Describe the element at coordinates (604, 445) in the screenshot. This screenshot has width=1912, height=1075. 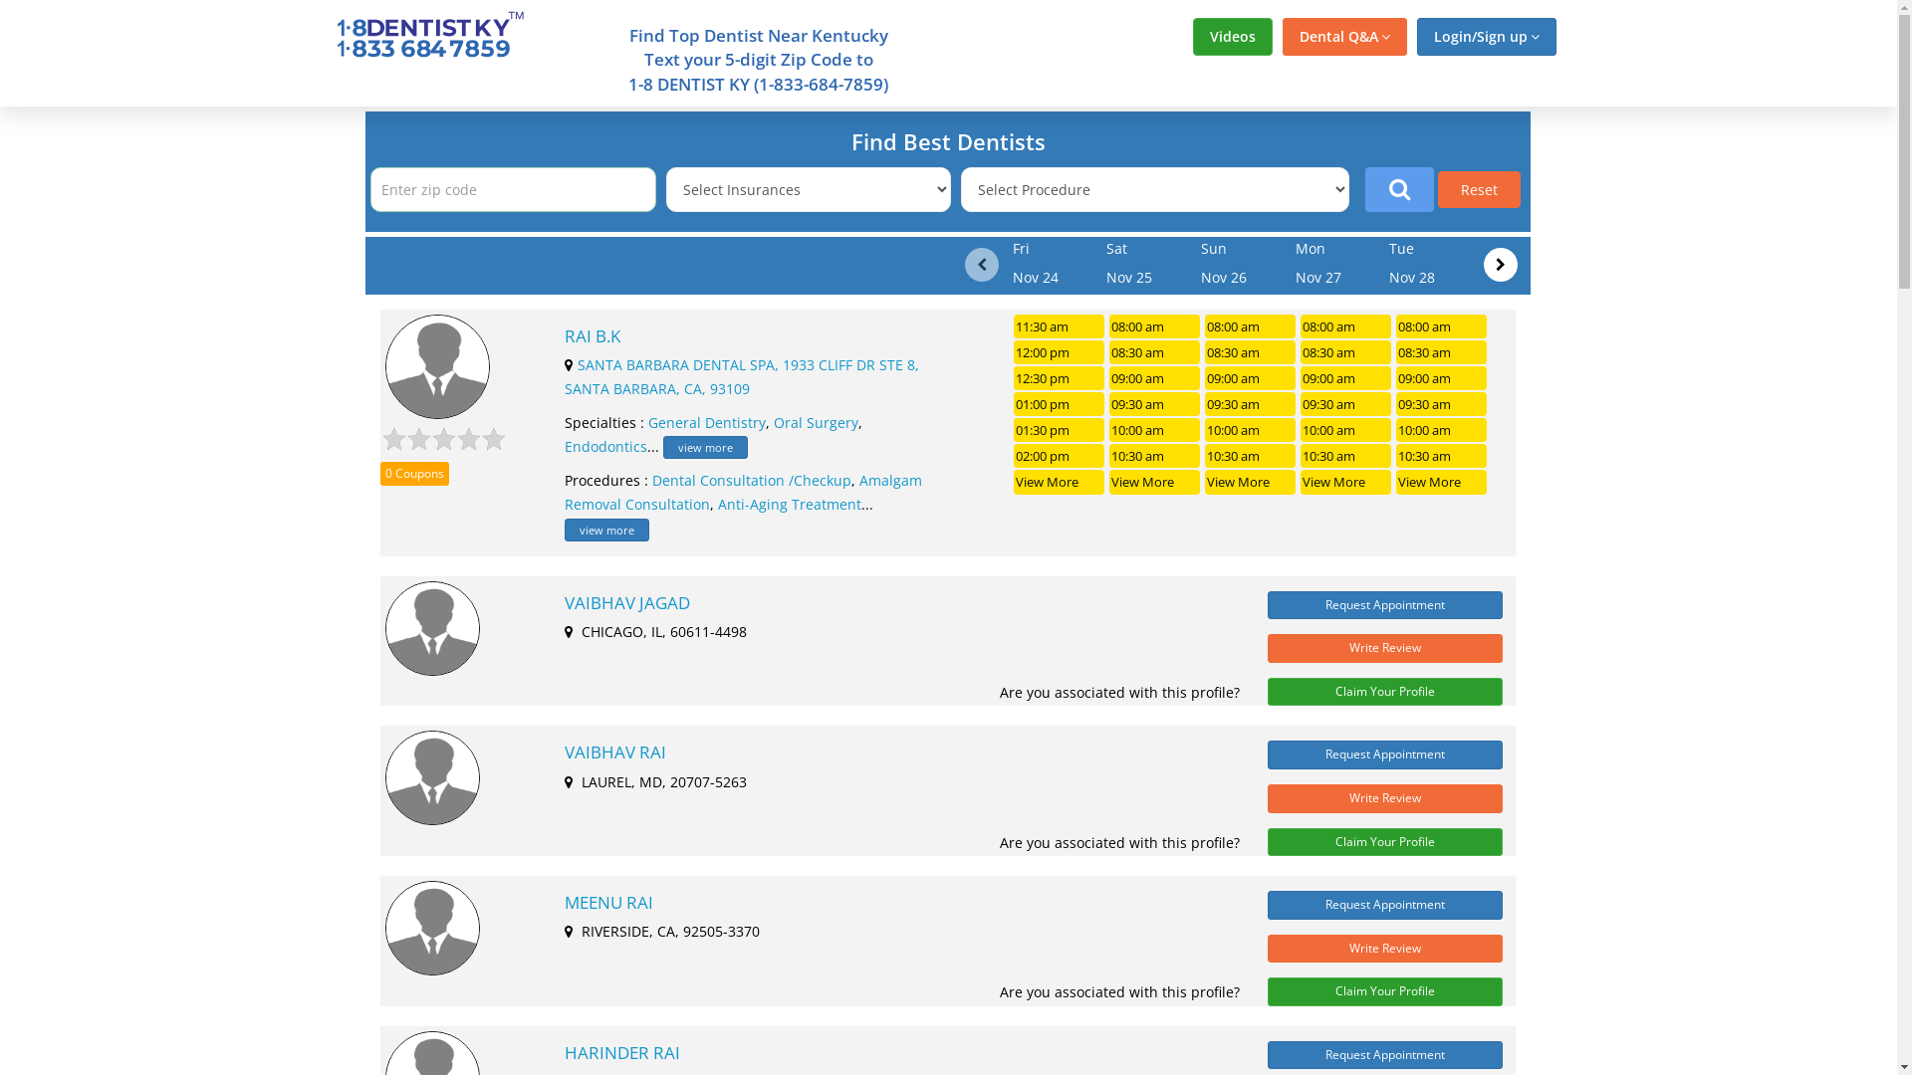
I see `'Endodontics'` at that location.